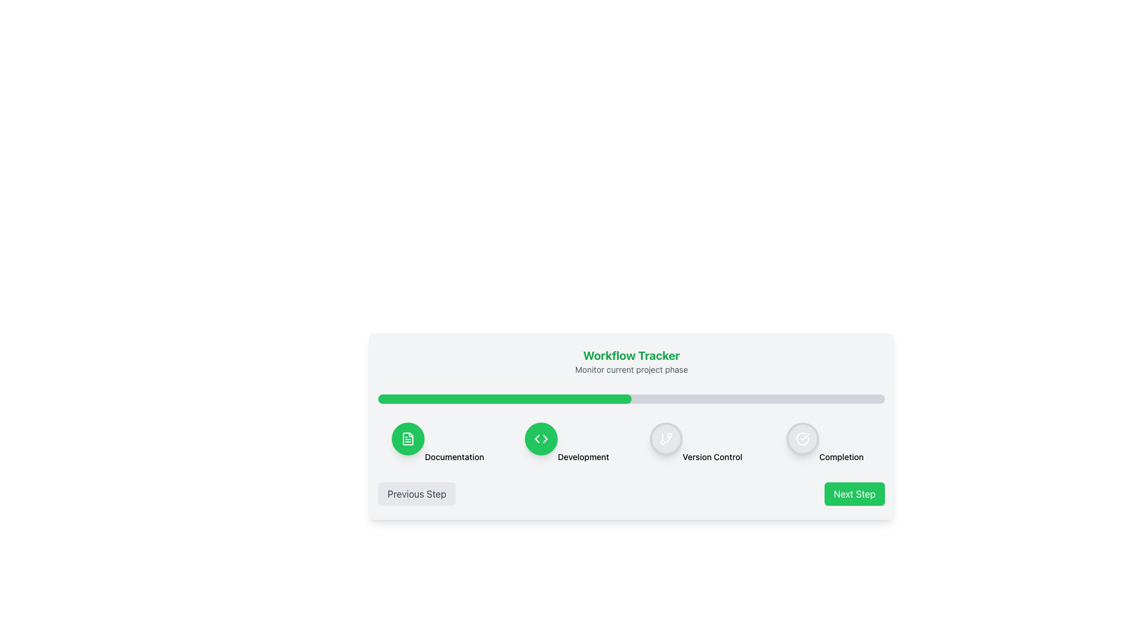  I want to click on the left-pointing arrow polygon element within the 'Development' SVG button, so click(537, 438).